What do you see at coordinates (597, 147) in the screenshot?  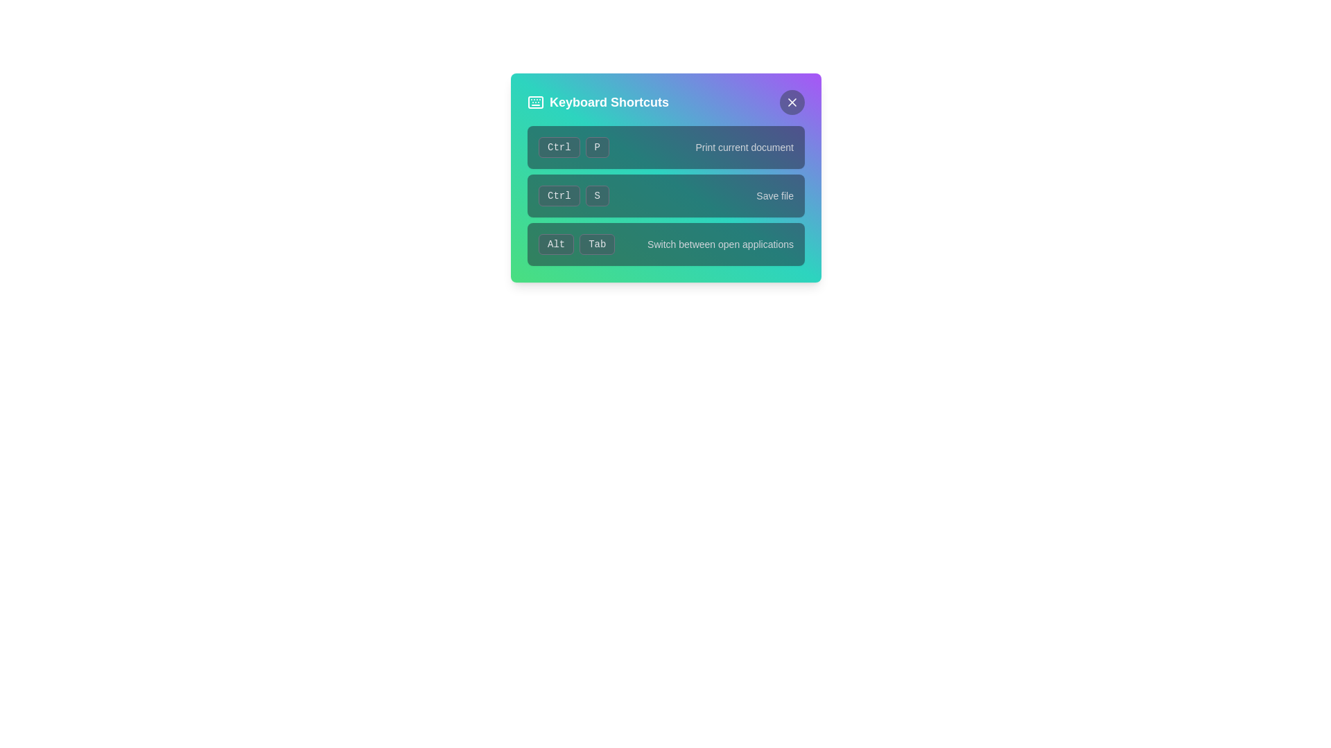 I see `the rounded rectangular button with a dark background and light text labeled 'P', located in the upper section of a list of shortcut keys, adjacent to the 'Ctrl' button` at bounding box center [597, 147].